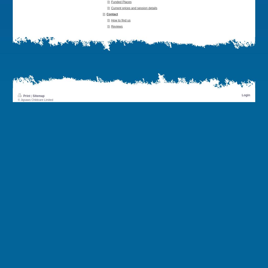 The height and width of the screenshot is (268, 268). What do you see at coordinates (121, 20) in the screenshot?
I see `'How to find us'` at bounding box center [121, 20].